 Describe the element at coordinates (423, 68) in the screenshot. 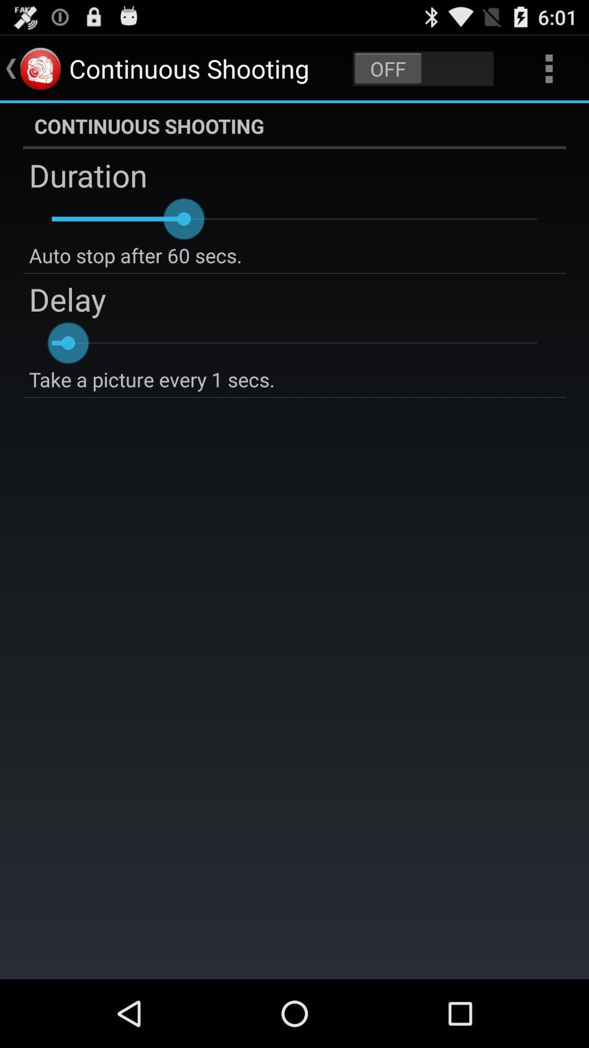

I see `turn on/off continuos shooting` at that location.